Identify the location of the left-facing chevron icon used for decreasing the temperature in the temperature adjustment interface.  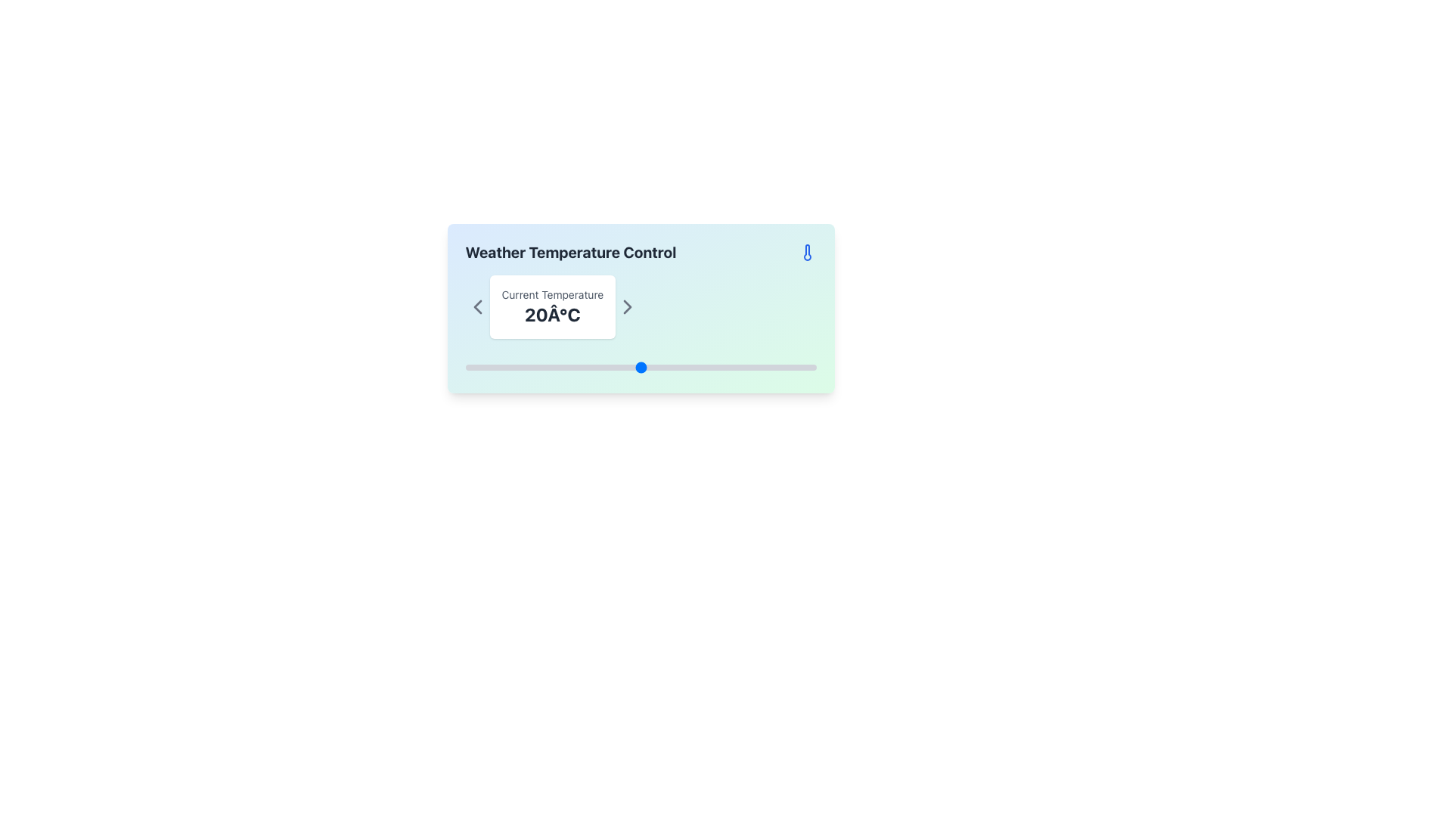
(476, 306).